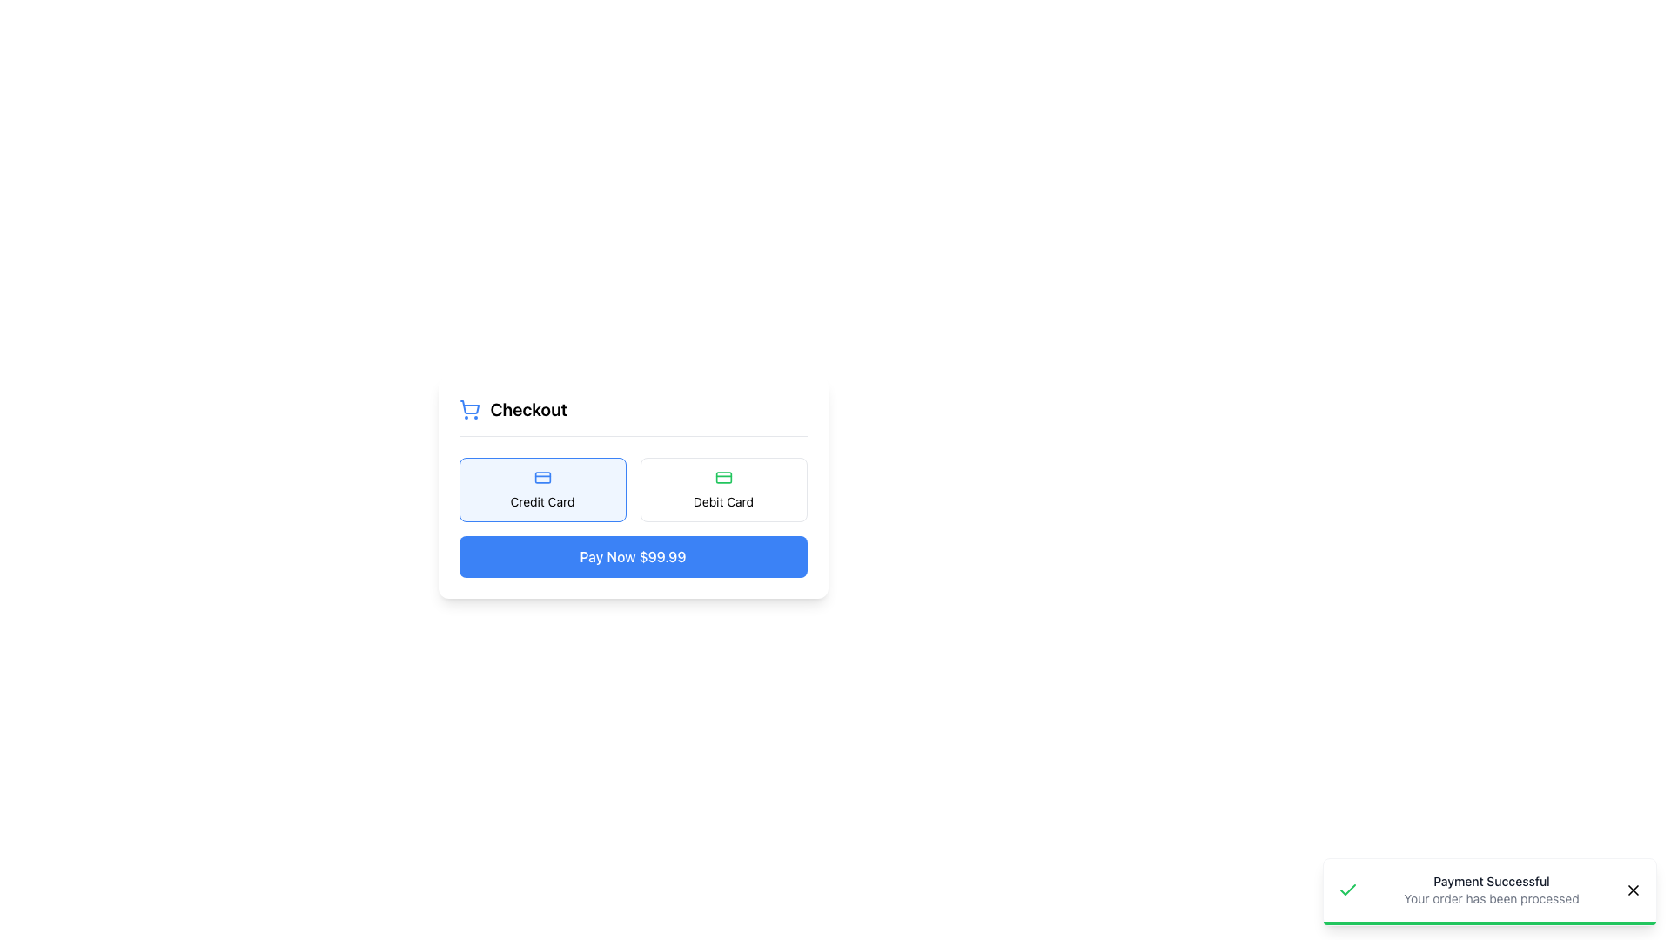 The width and height of the screenshot is (1671, 940). I want to click on text label 'Checkout' which is styled in a bold, large font and located next to a shopping cart icon, so click(527, 409).